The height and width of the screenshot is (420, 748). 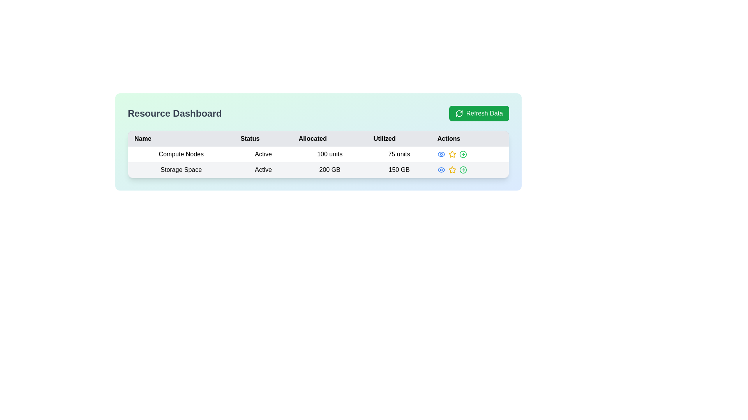 I want to click on the 'Allocated' text label displaying '100 units' for 'Compute Nodes' in the dashboard's tabular structure, so click(x=330, y=154).